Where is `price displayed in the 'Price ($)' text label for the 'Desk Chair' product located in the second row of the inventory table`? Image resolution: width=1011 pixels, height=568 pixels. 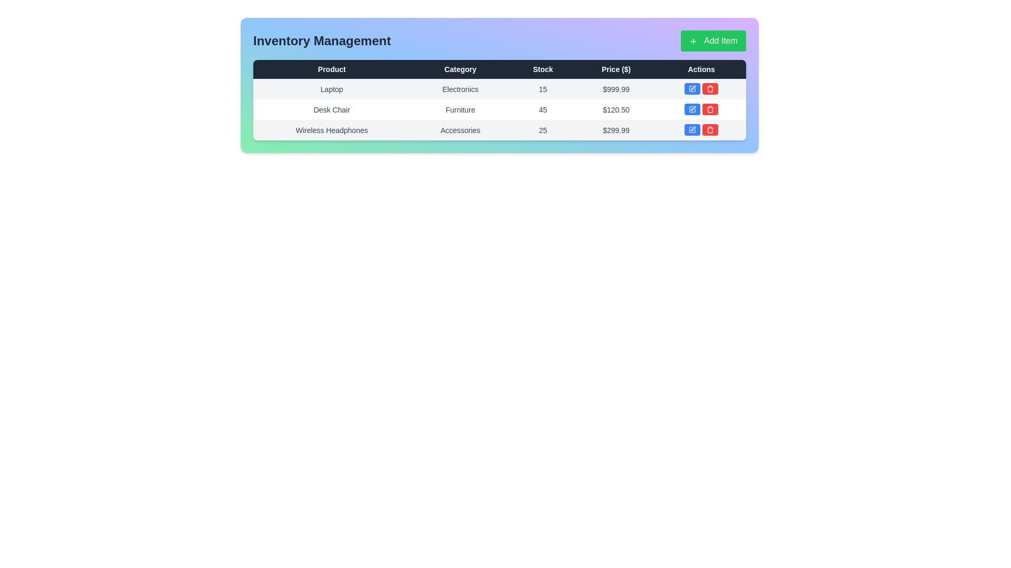
price displayed in the 'Price ($)' text label for the 'Desk Chair' product located in the second row of the inventory table is located at coordinates (616, 109).